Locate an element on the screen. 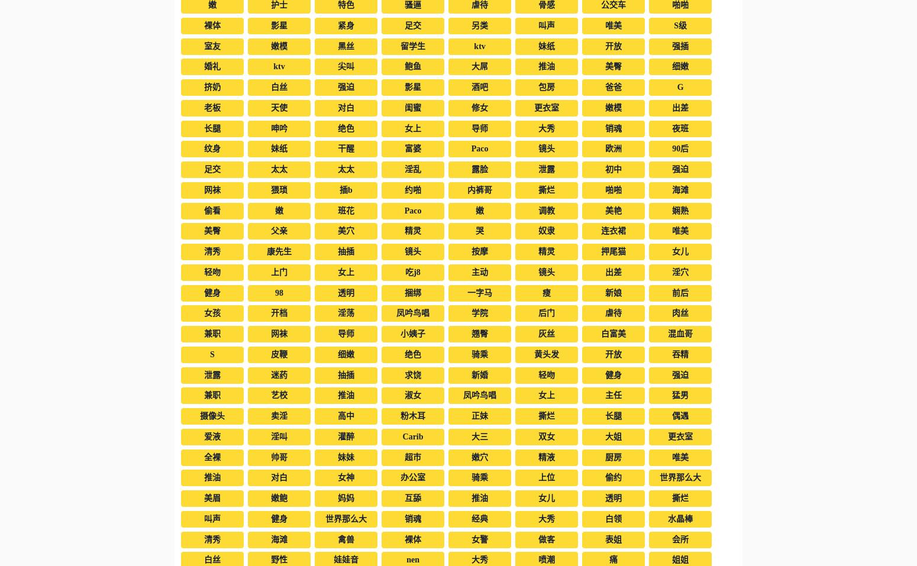 The width and height of the screenshot is (917, 566). 'nen' is located at coordinates (412, 559).